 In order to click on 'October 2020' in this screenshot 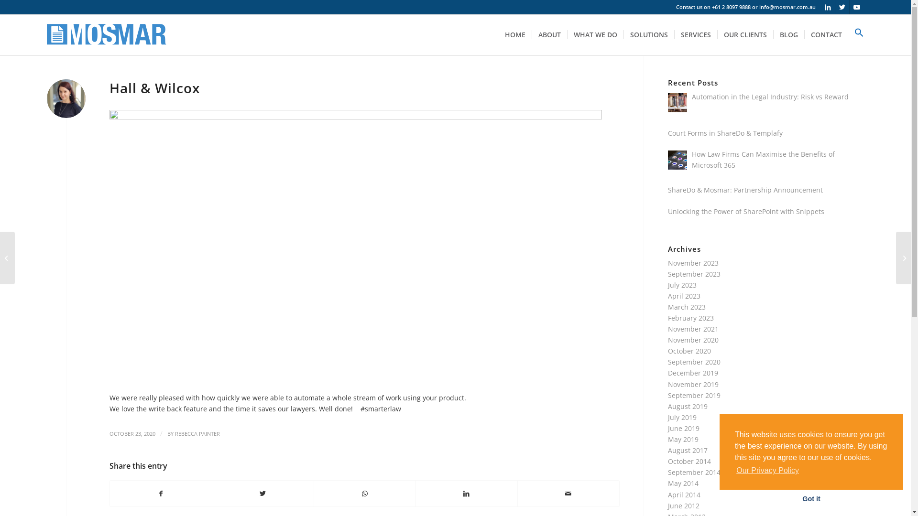, I will do `click(689, 351)`.